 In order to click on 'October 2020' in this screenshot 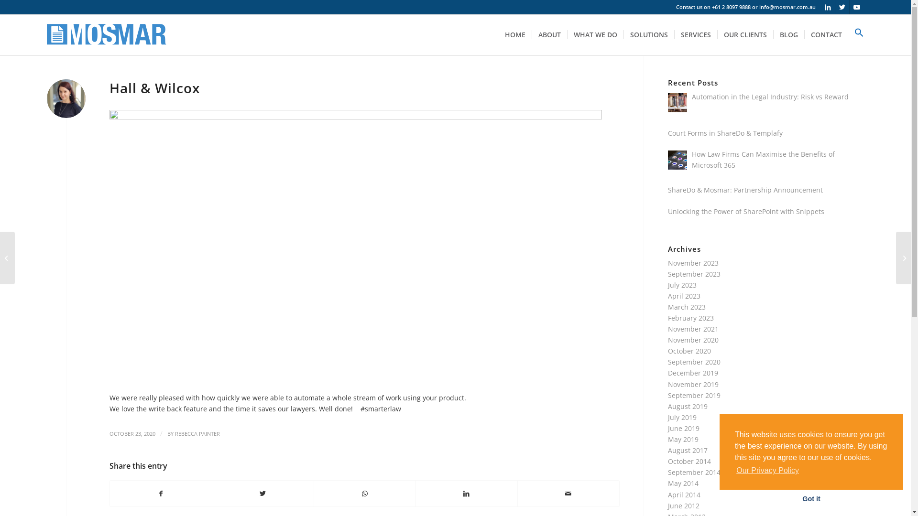, I will do `click(689, 351)`.